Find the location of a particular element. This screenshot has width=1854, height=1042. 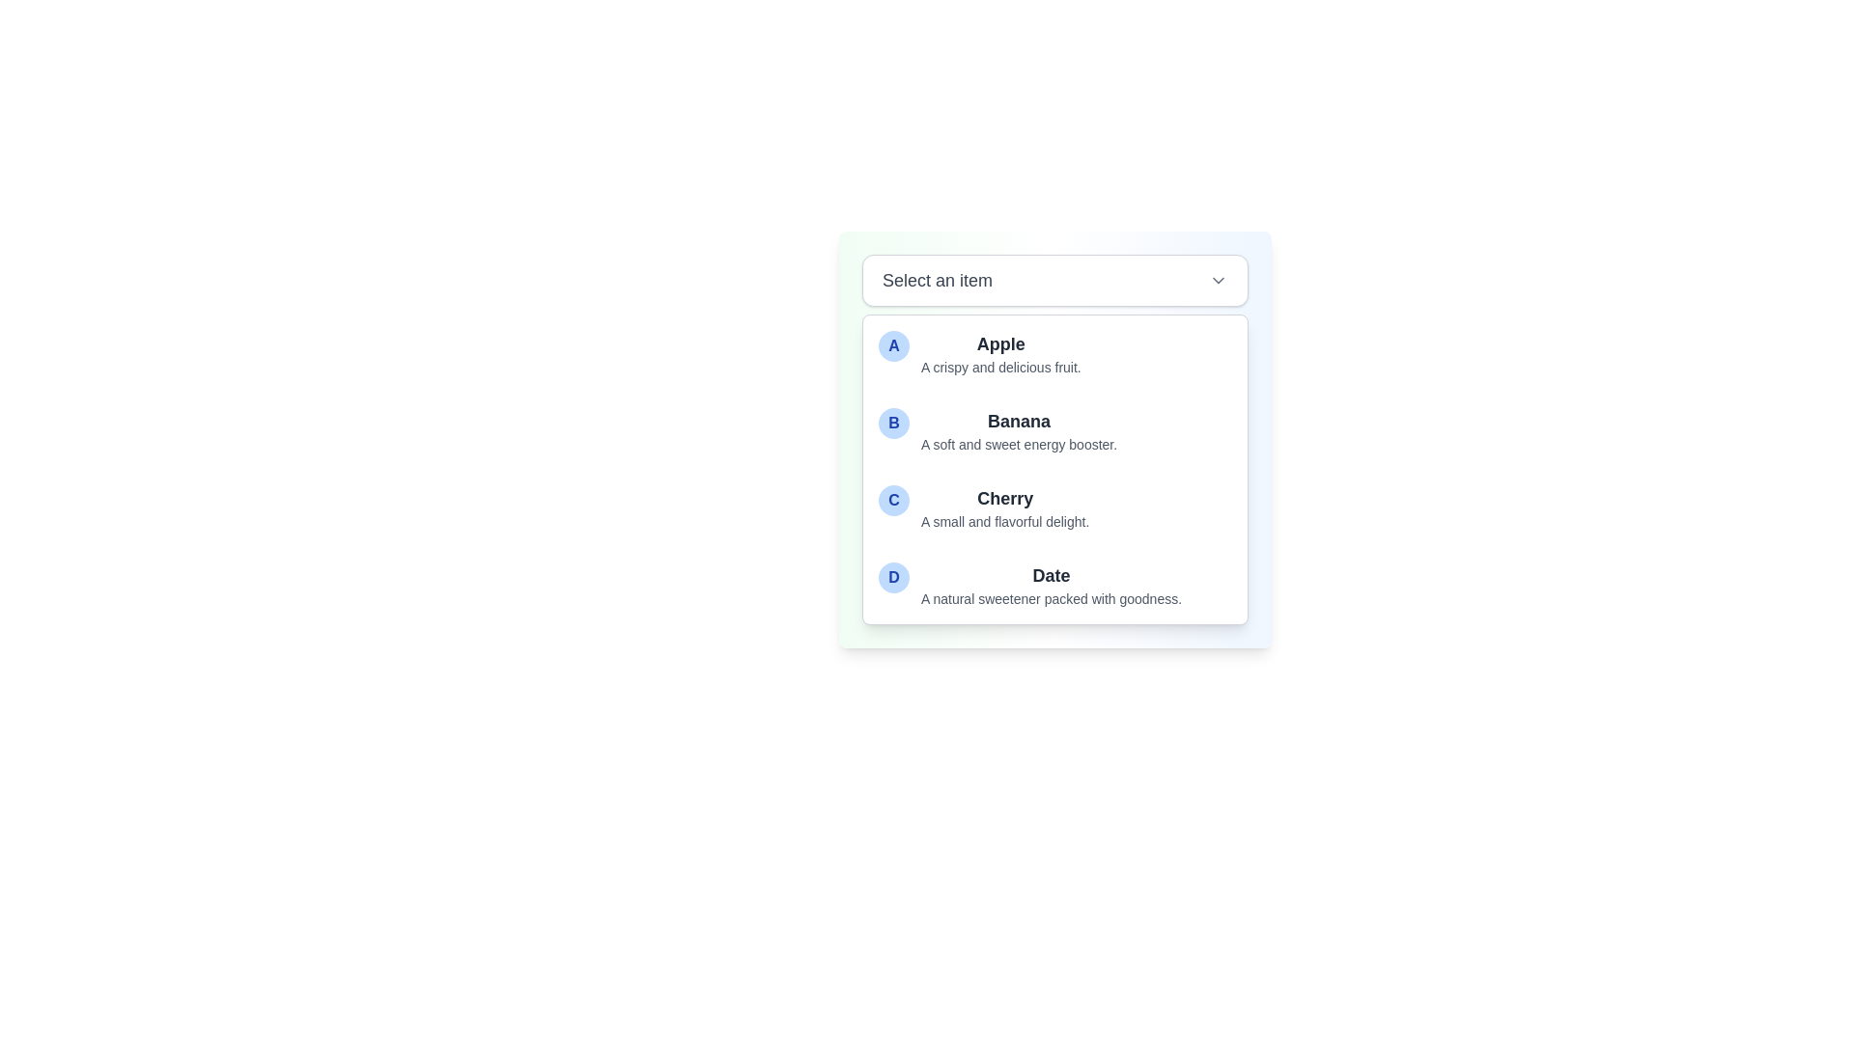

the first list item representing the fruit 'Apple' is located at coordinates (1054, 353).